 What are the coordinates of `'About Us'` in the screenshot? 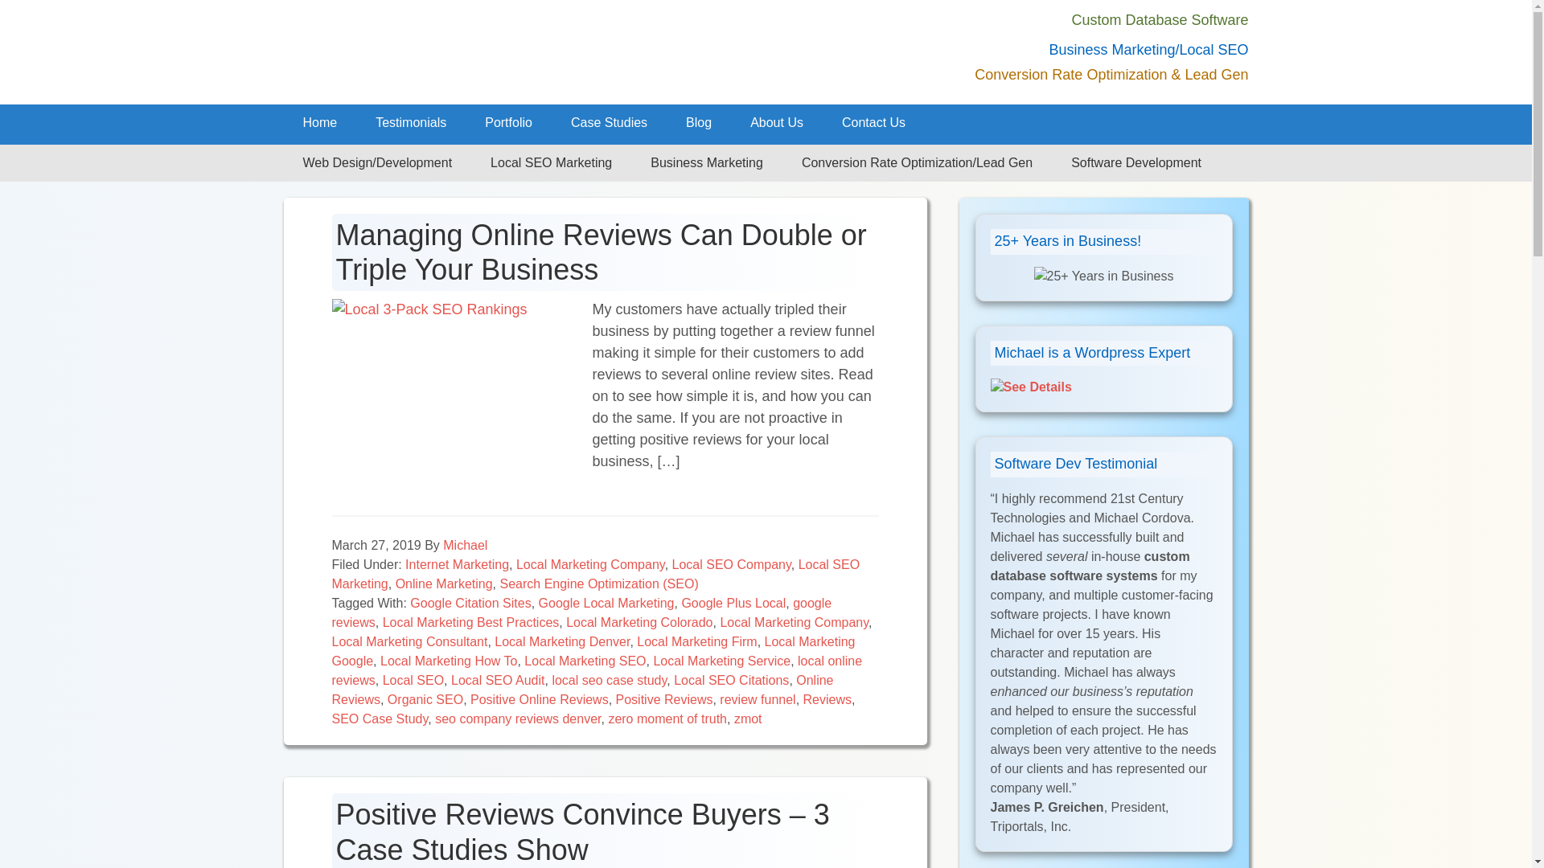 It's located at (776, 122).